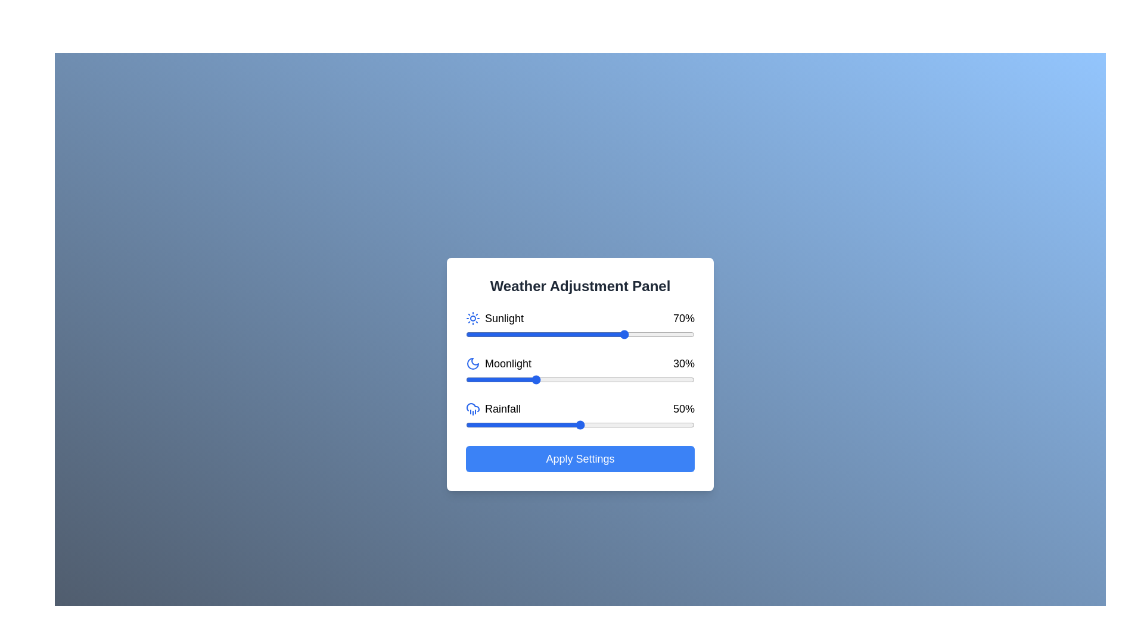  Describe the element at coordinates (472, 318) in the screenshot. I see `the Sunlight icon to interact with it` at that location.